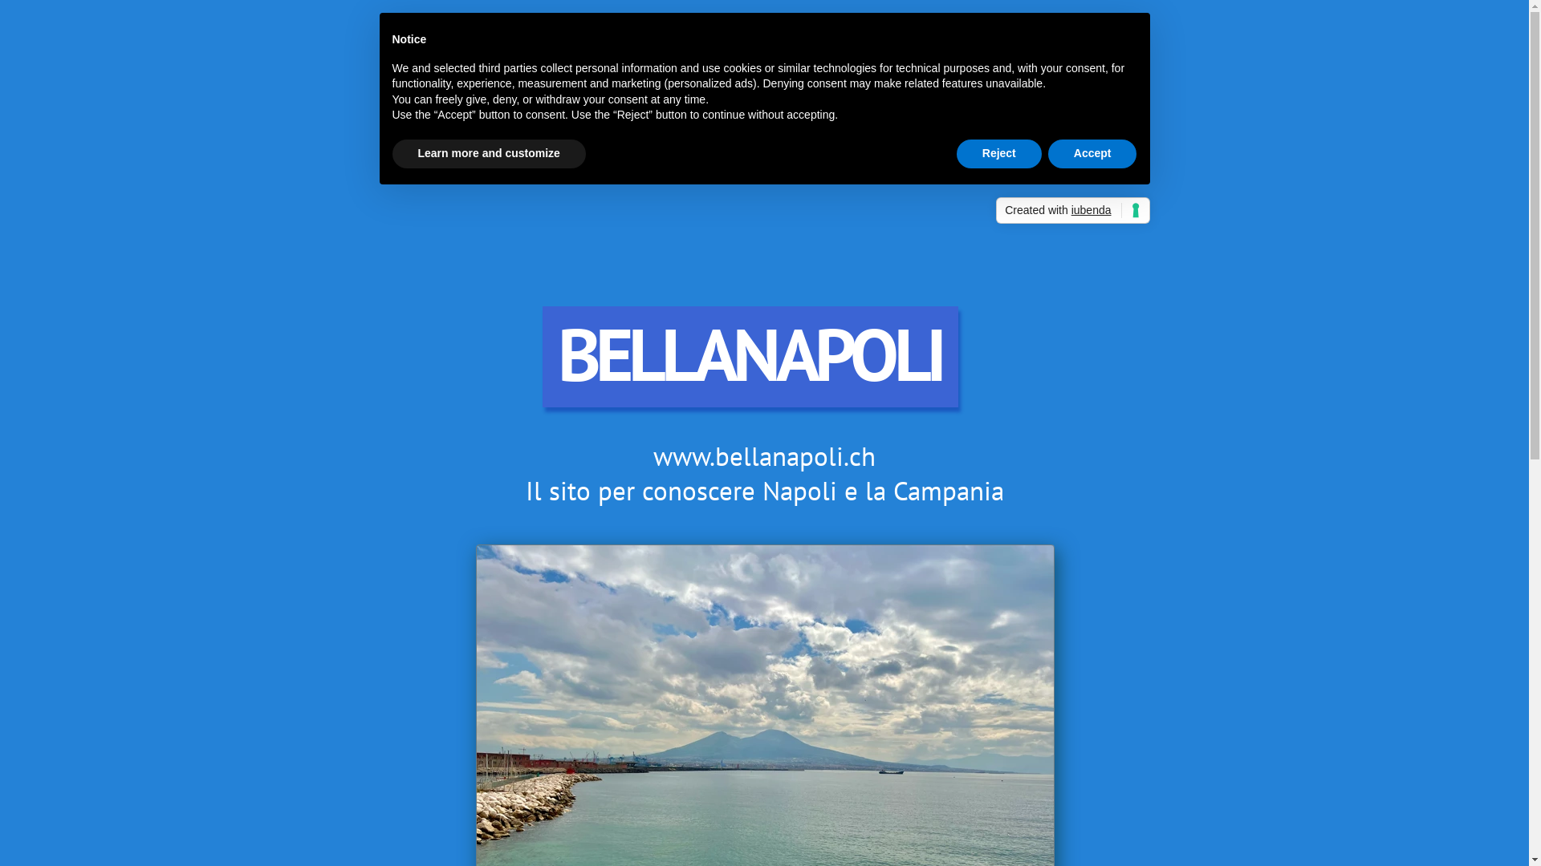  What do you see at coordinates (998, 154) in the screenshot?
I see `'Reject'` at bounding box center [998, 154].